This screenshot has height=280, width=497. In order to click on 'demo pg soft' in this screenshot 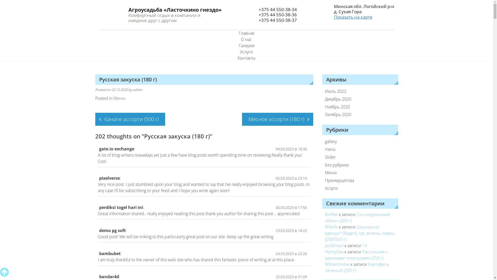, I will do `click(112, 230)`.